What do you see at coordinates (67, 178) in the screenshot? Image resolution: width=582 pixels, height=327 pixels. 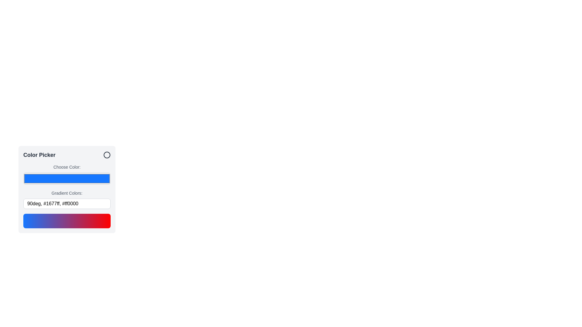 I see `a color from the palette into the interactive Color Picker Input located below the 'Choose Color:' label` at bounding box center [67, 178].